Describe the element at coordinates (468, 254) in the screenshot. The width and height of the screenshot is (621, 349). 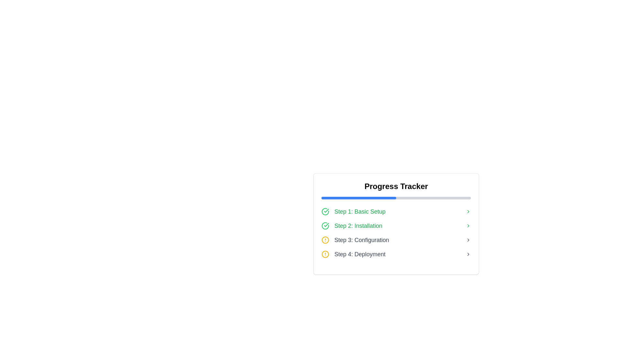
I see `the chevron icon located at the extreme right end of the list row labeled 'Step 4: Deployment'` at that location.